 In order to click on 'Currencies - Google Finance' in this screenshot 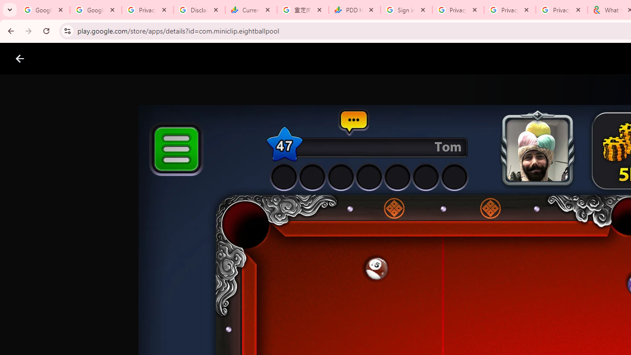, I will do `click(251, 10)`.